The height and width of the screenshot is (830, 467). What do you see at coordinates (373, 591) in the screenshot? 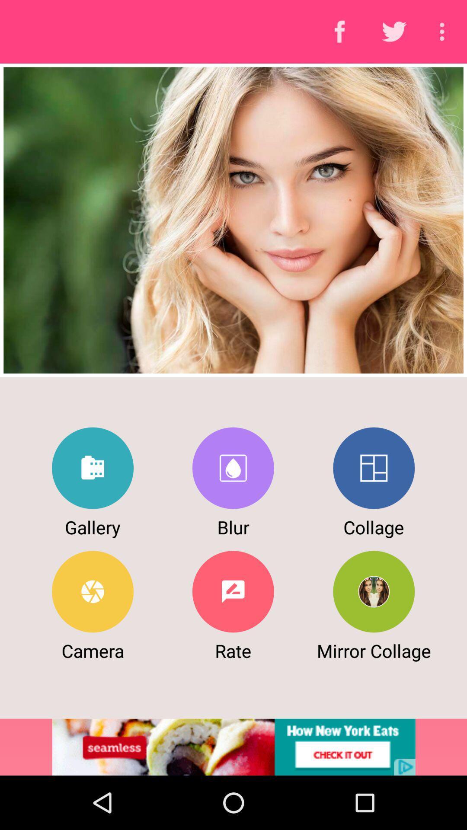
I see `mirror collage button` at bounding box center [373, 591].